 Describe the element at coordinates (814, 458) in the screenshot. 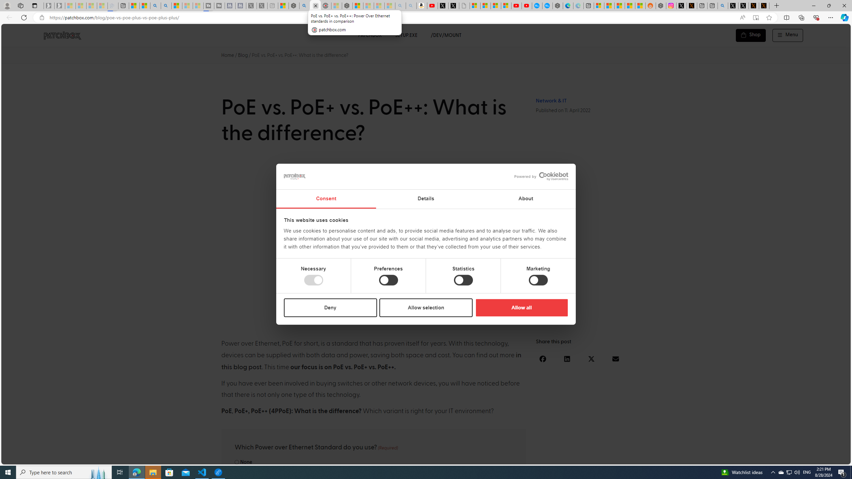

I see `'Language switcher : Finnish'` at that location.